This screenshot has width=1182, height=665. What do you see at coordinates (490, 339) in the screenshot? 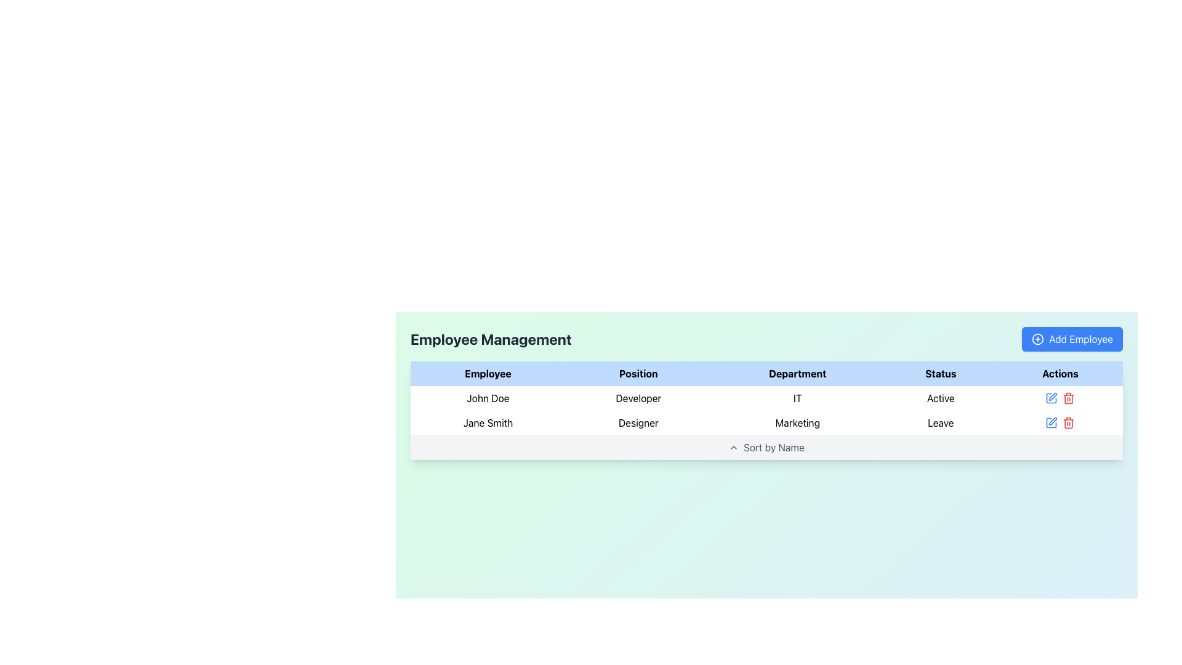
I see `the Text label that serves as the title for the employee management section, located at the top of the interface above the employee details table` at bounding box center [490, 339].